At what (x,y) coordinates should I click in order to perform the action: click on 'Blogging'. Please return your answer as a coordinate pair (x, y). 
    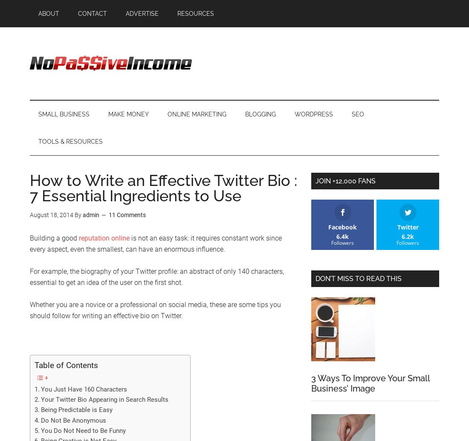
    Looking at the image, I should click on (260, 114).